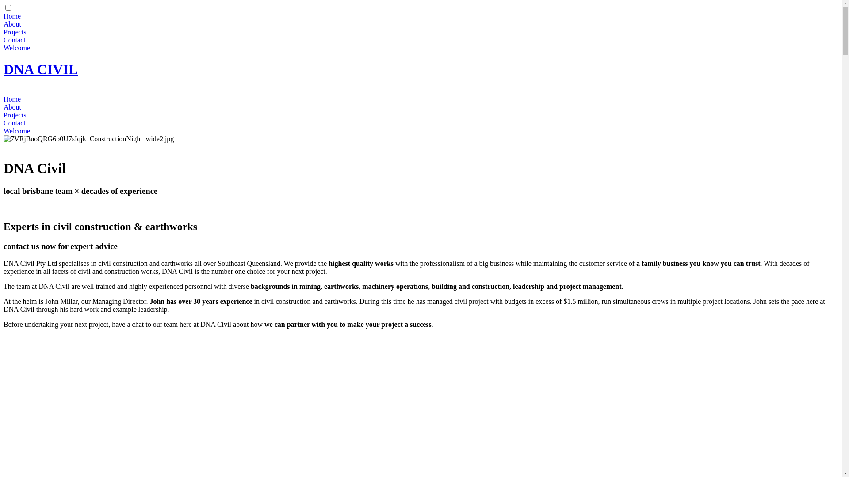  I want to click on 'Welcome', so click(4, 48).